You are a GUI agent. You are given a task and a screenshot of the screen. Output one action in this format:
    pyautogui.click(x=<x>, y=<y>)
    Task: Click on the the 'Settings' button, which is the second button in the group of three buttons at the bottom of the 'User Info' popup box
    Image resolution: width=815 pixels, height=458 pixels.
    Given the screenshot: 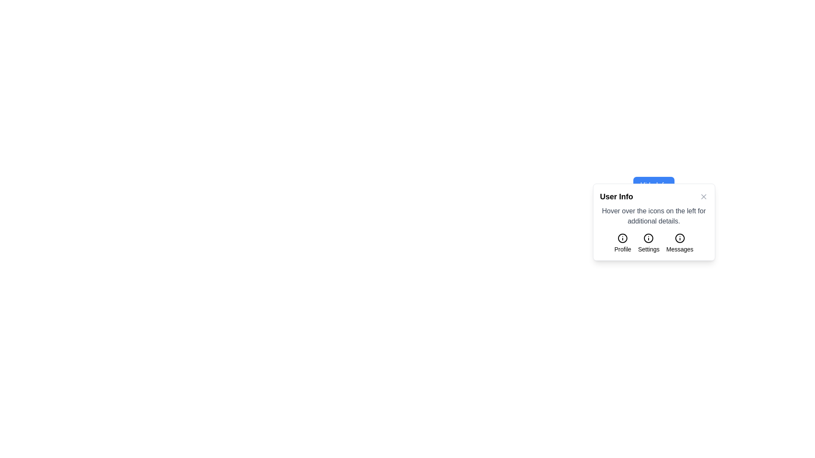 What is the action you would take?
    pyautogui.click(x=653, y=243)
    